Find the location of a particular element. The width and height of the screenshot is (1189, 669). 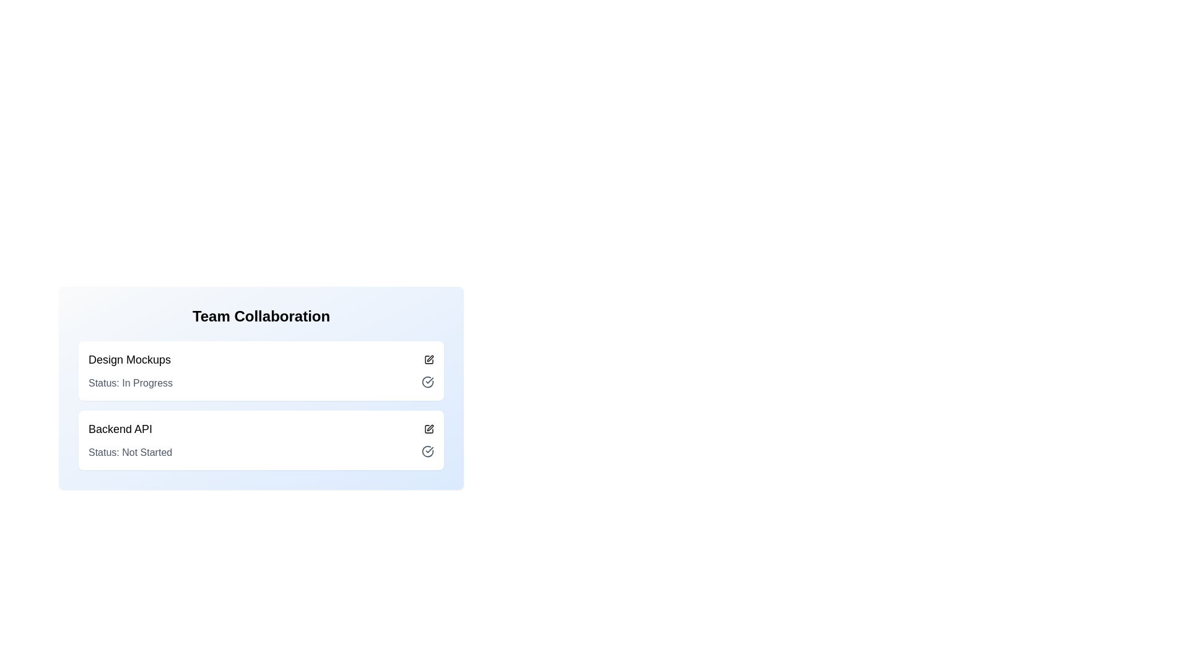

the text label that serves as a title for the surrounding content, located at the top of its group above 'Design Mockups' and 'Backend API' is located at coordinates (261, 315).